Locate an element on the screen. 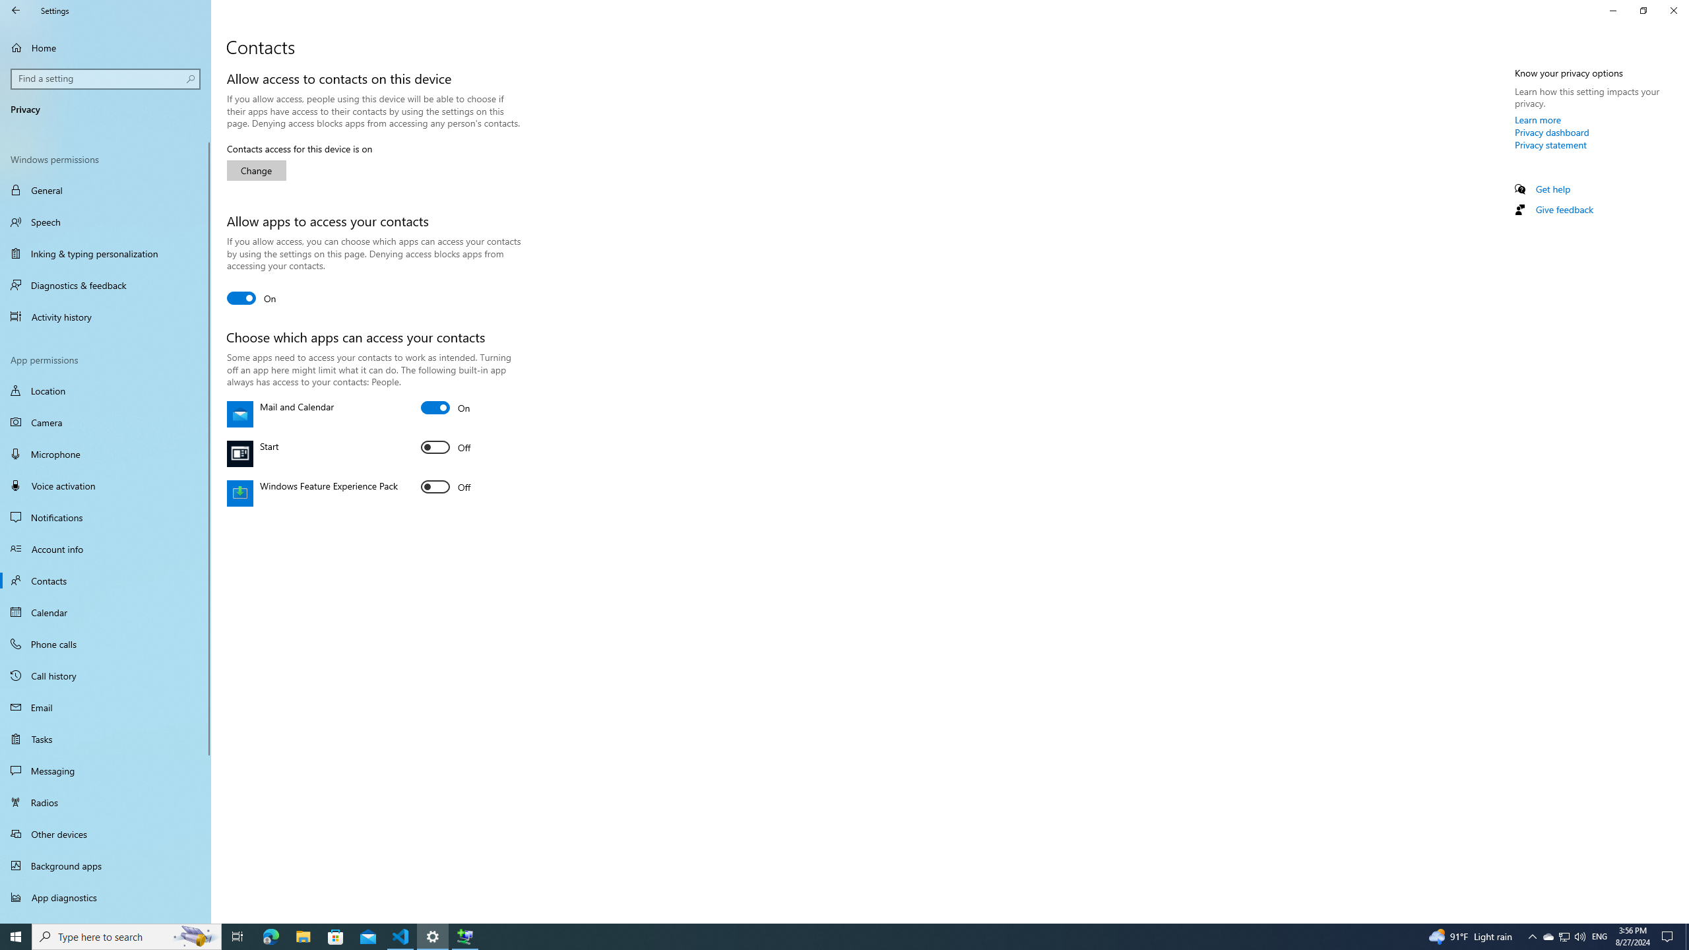 This screenshot has height=950, width=1689. 'Tray Input Indicator - English (United States)' is located at coordinates (1599, 935).